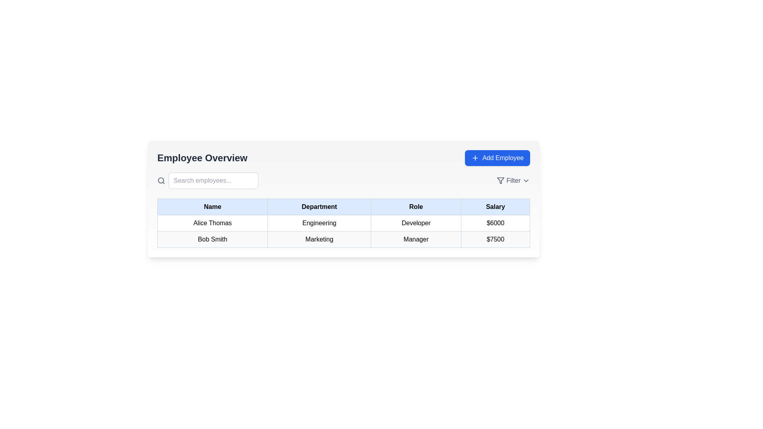  Describe the element at coordinates (161, 181) in the screenshot. I see `the gray magnifying glass search icon located on the left side of the search bar in the 'Employee Overview' interface` at that location.